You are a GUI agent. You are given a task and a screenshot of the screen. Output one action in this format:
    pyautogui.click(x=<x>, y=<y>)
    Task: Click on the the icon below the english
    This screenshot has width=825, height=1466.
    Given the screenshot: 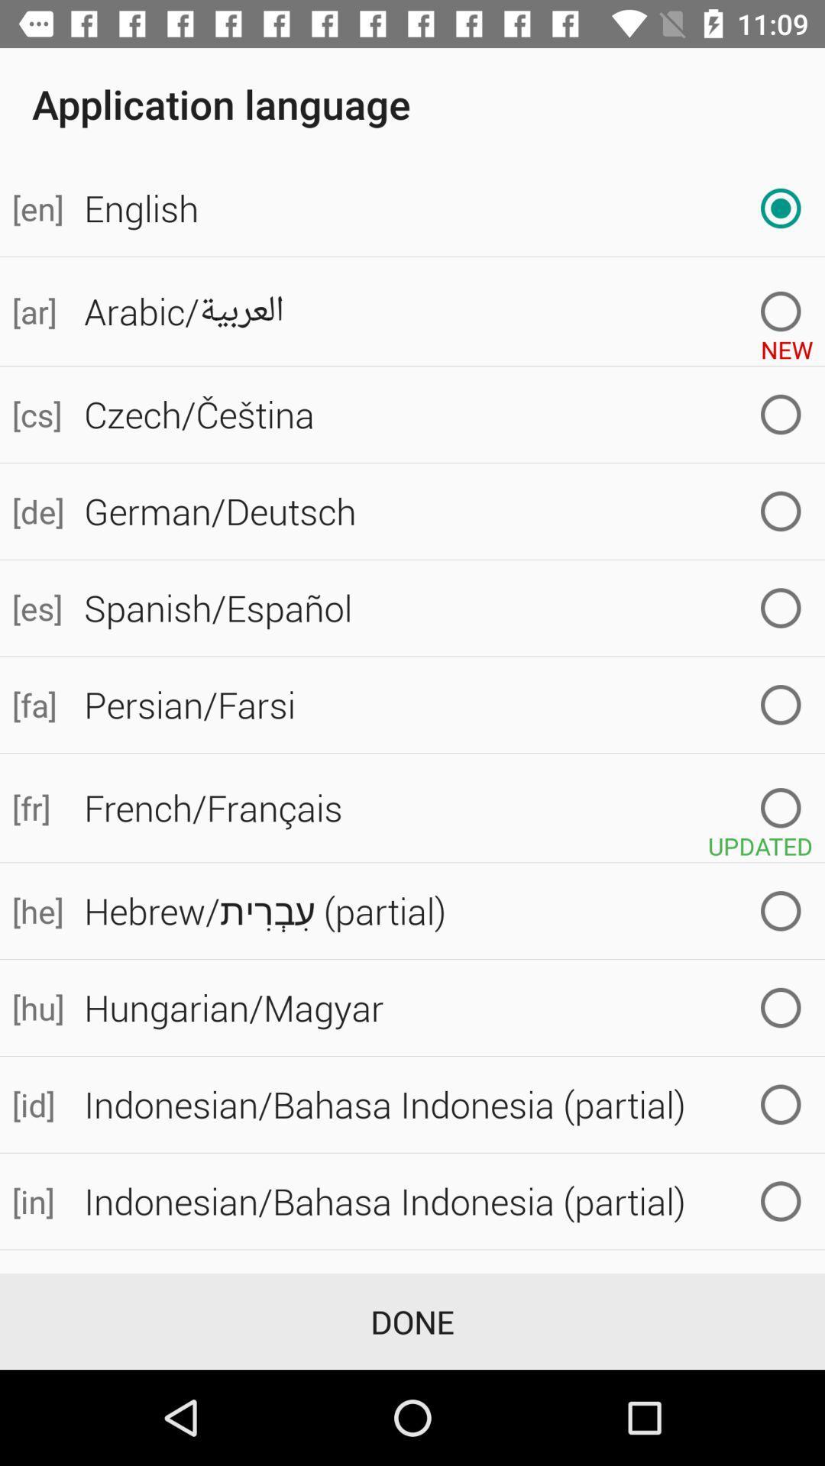 What is the action you would take?
    pyautogui.click(x=787, y=343)
    